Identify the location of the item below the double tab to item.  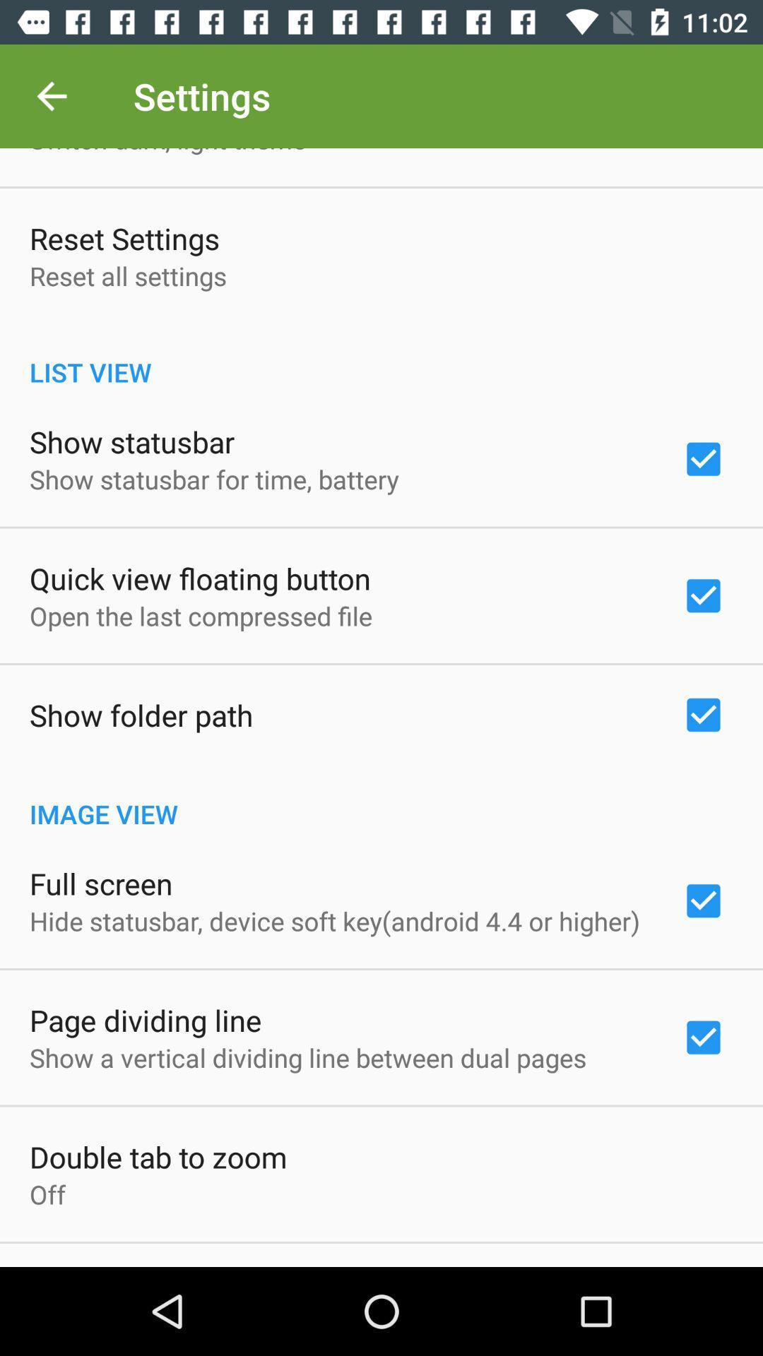
(47, 1194).